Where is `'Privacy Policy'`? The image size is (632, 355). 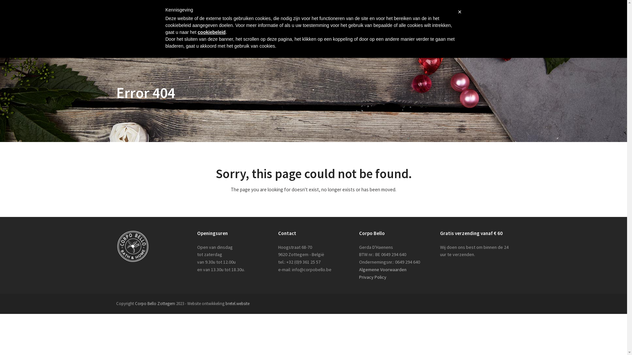
'Privacy Policy' is located at coordinates (358, 277).